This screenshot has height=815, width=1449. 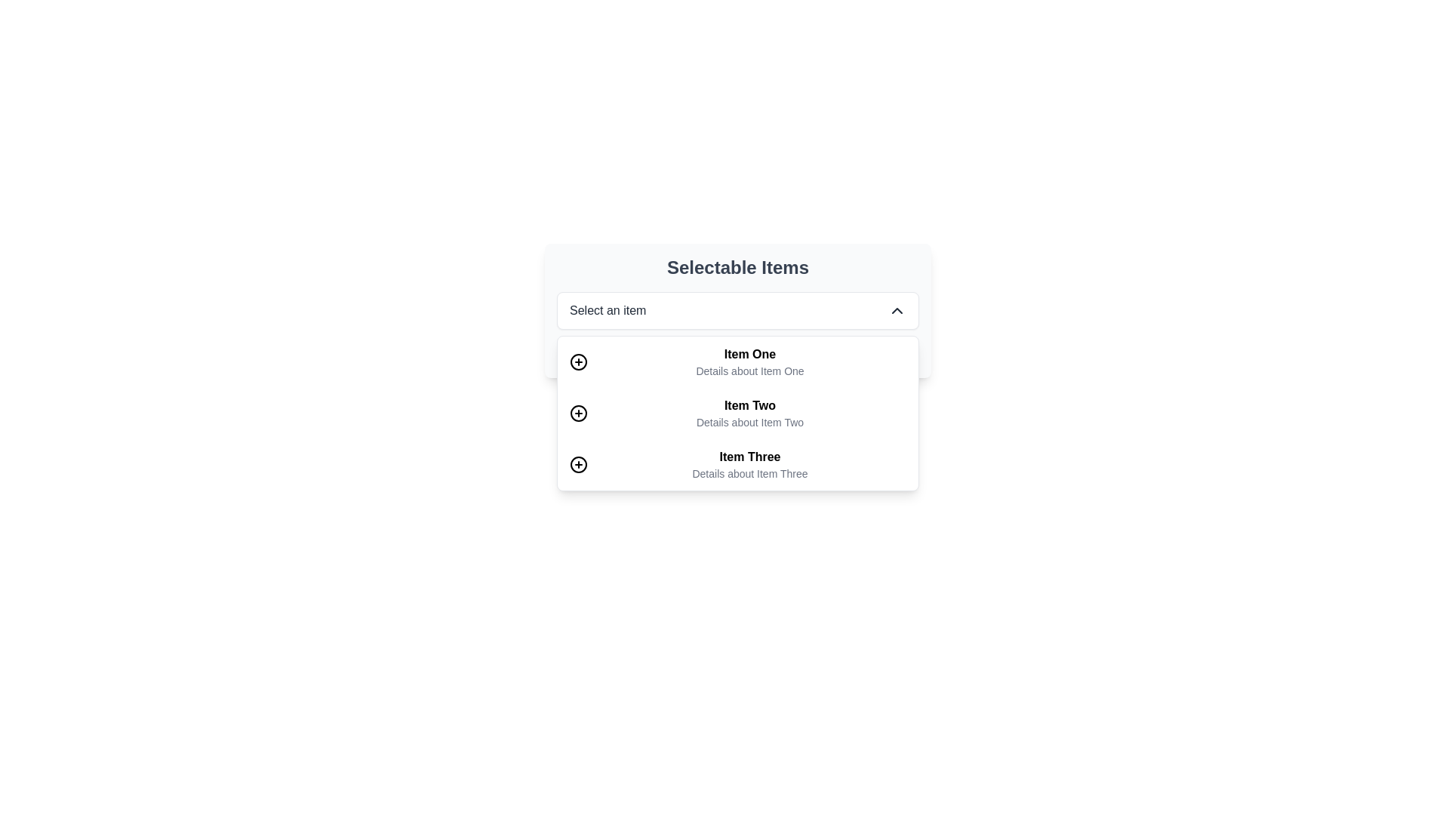 What do you see at coordinates (578, 413) in the screenshot?
I see `the SVG circle element with a black outline located next to the list item labeled 'Item Two' in the vertically aligned button list` at bounding box center [578, 413].